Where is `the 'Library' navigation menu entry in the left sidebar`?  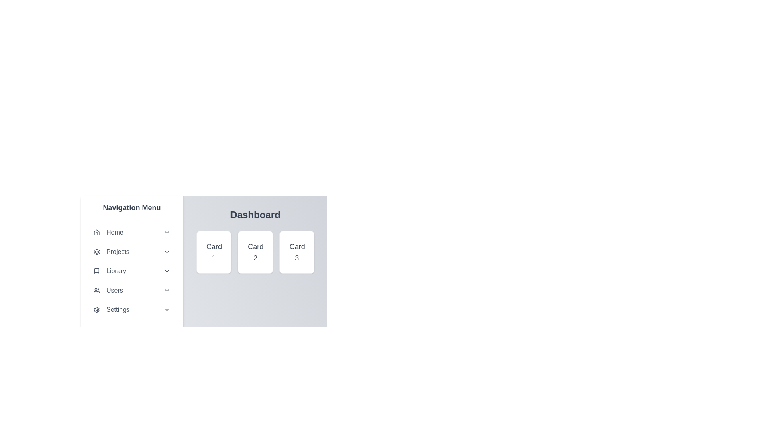 the 'Library' navigation menu entry in the left sidebar is located at coordinates (132, 271).